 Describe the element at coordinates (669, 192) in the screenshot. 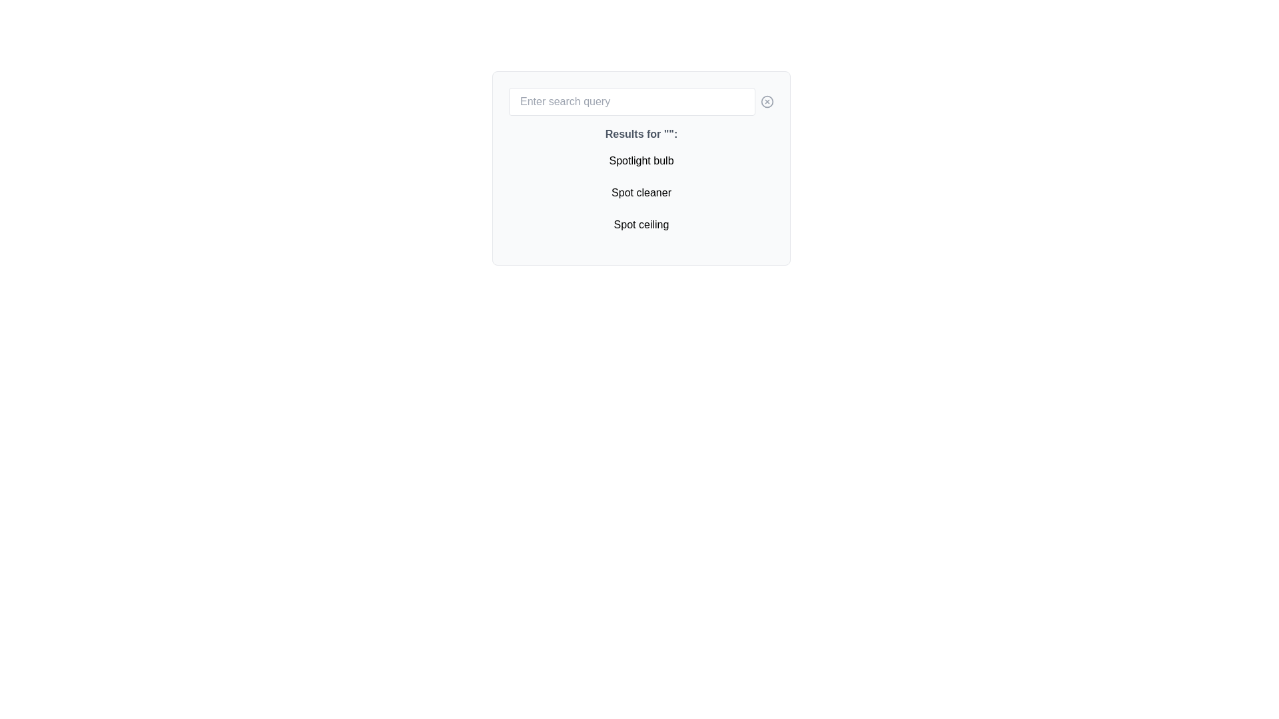

I see `the single character 'r' in the phrase 'Spot cleaner', which is the last character of the second item in the vertical list under the heading 'Results for '` at that location.